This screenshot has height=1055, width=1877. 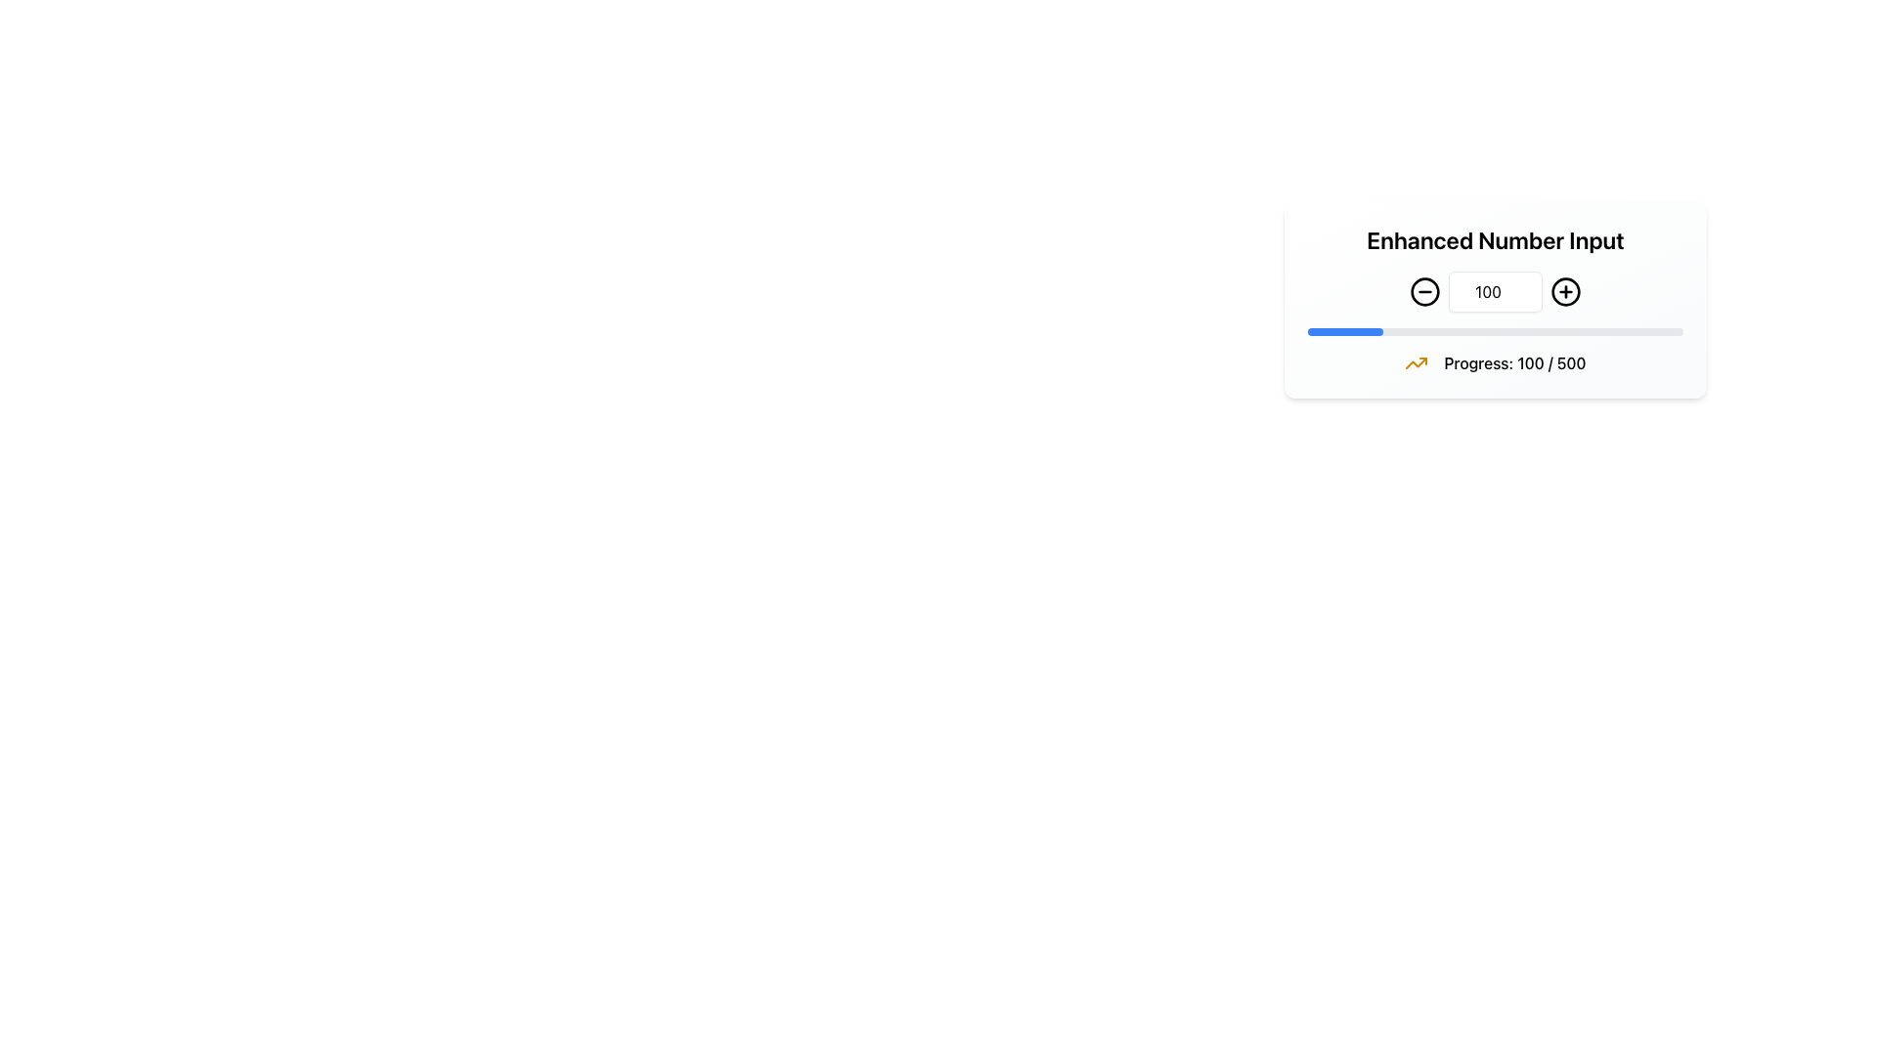 What do you see at coordinates (1566, 292) in the screenshot?
I see `the central circular component of the graphical button located to the right of the numeric input field in the 'Enhanced Number Input' module to interact with it` at bounding box center [1566, 292].